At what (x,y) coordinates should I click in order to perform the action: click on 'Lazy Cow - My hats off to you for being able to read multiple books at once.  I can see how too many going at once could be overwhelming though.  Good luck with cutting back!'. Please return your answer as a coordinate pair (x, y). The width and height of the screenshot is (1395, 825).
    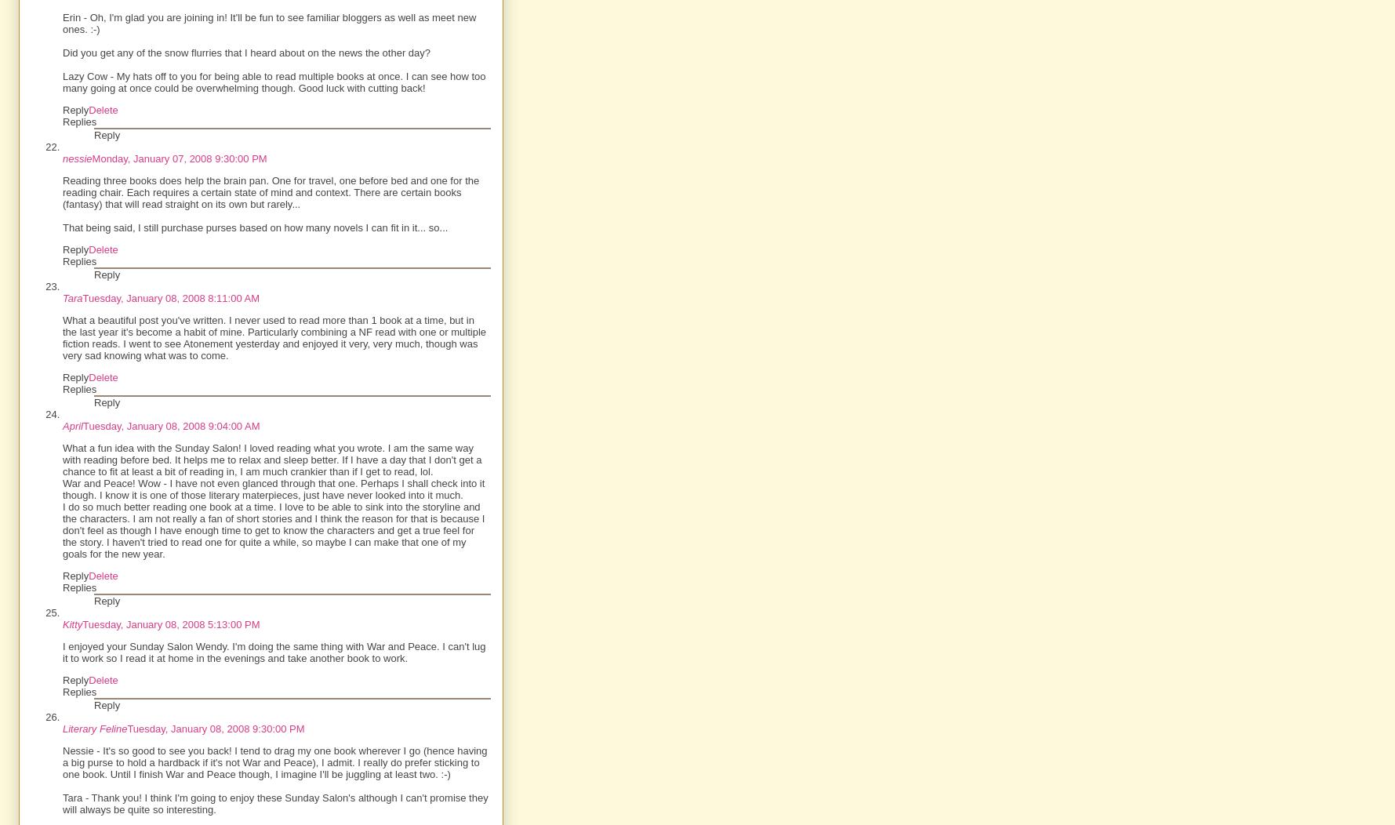
    Looking at the image, I should click on (273, 82).